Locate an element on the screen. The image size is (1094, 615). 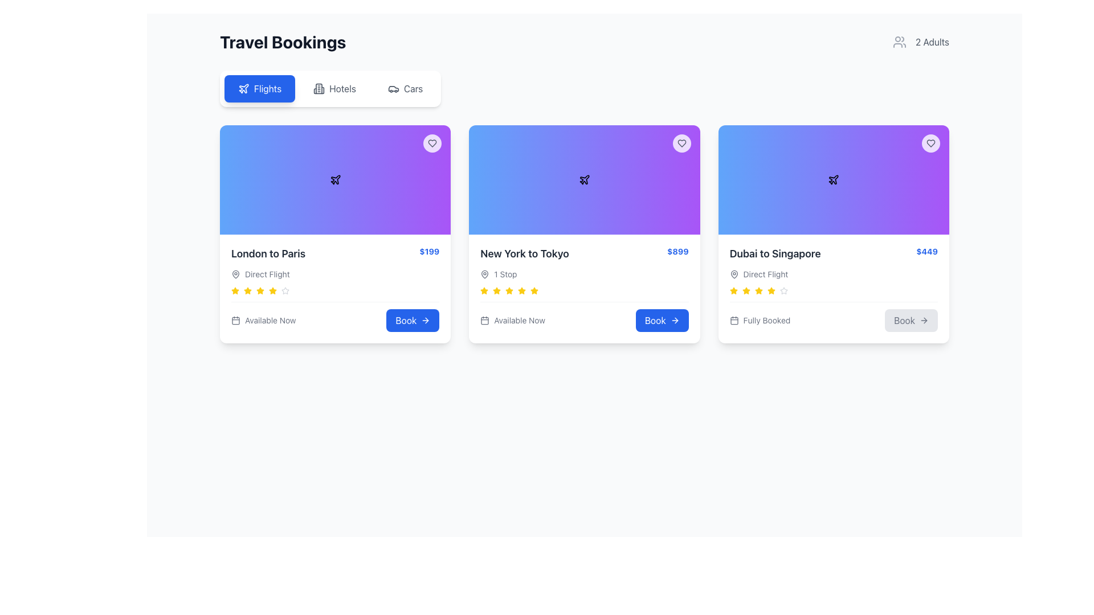
one of the star icons in the Rating component located in the rightmost card of the travel information list to modify the rating for the journey from 'Dubai to Singapore' is located at coordinates (834, 290).